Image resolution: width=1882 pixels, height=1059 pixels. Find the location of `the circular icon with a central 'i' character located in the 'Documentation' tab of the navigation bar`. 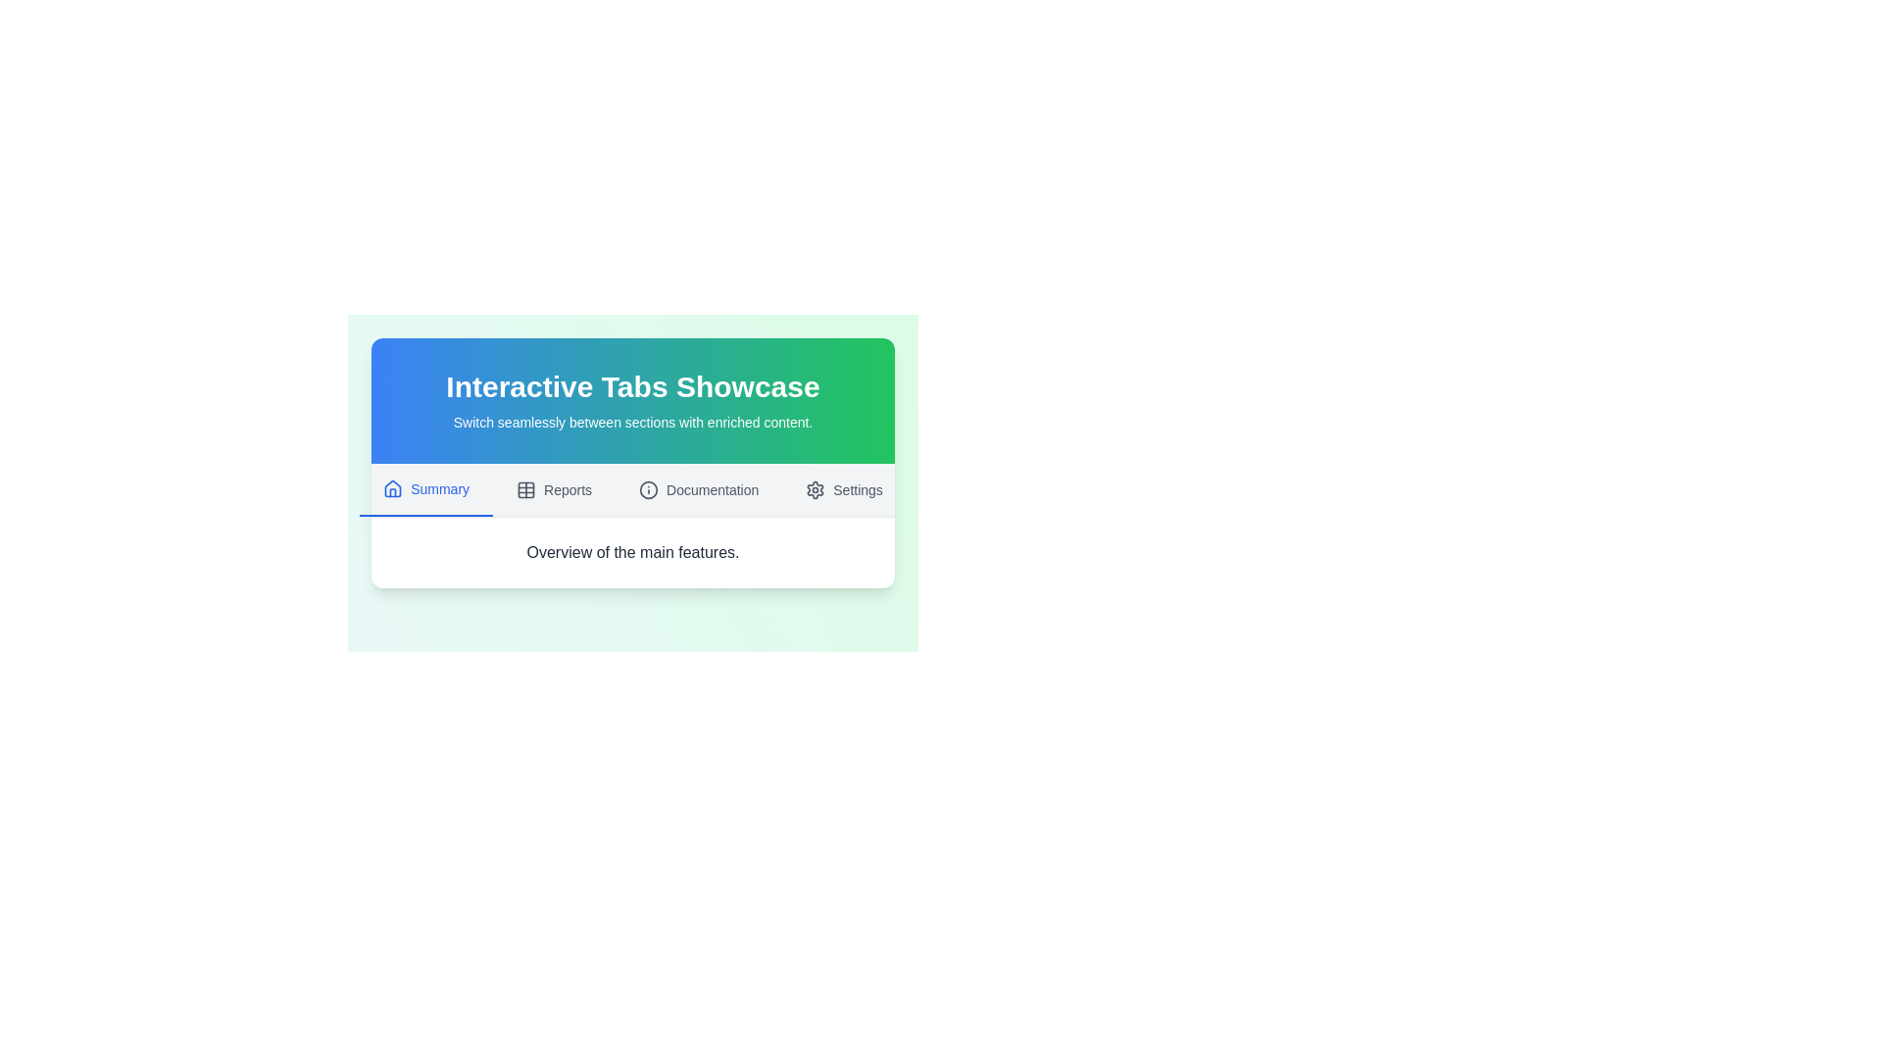

the circular icon with a central 'i' character located in the 'Documentation' tab of the navigation bar is located at coordinates (649, 489).